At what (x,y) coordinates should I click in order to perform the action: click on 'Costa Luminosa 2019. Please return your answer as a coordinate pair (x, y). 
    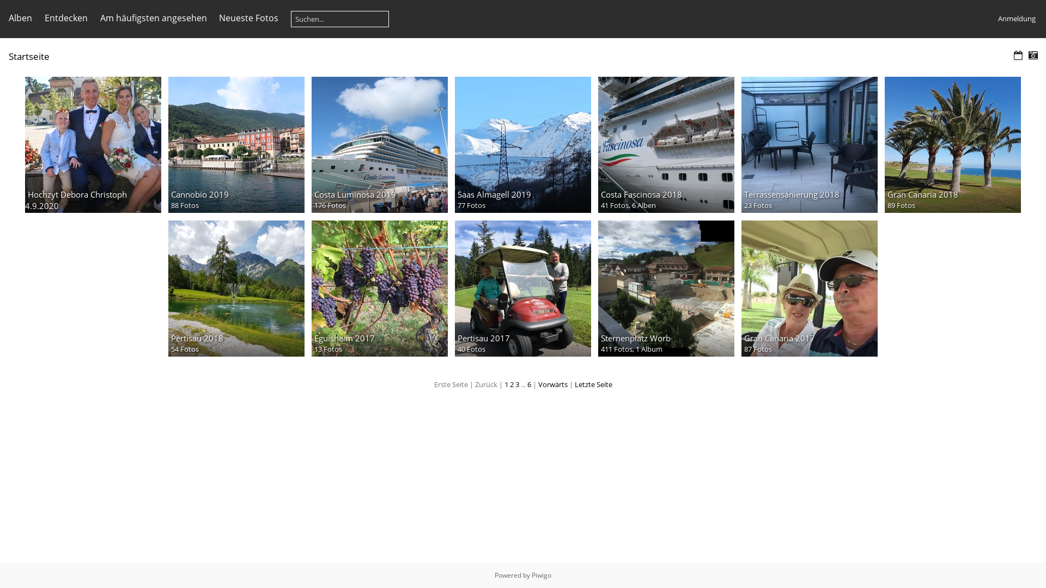
    Looking at the image, I should click on (379, 144).